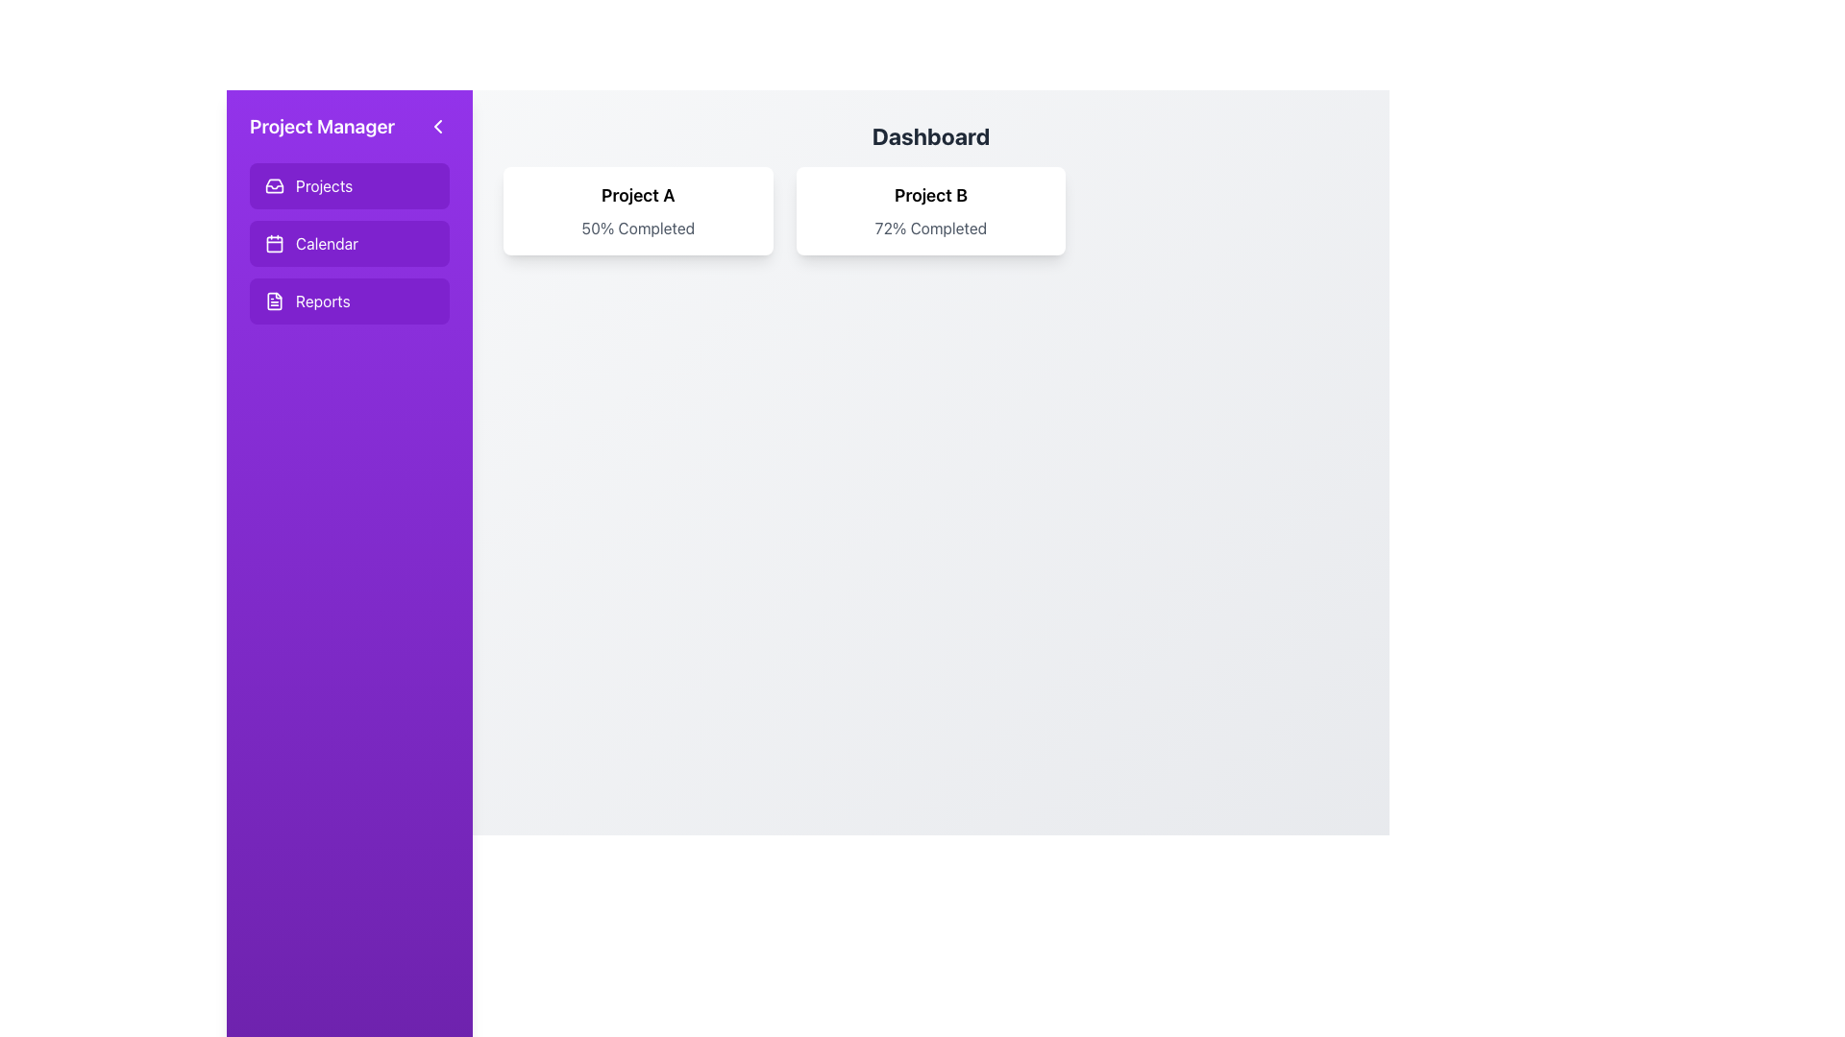  Describe the element at coordinates (274, 185) in the screenshot. I see `the 'Projects' icon located in the purple sidebar of the 'Project Manager', which is the top entry in the vertical list, to enhance recognition of this section` at that location.